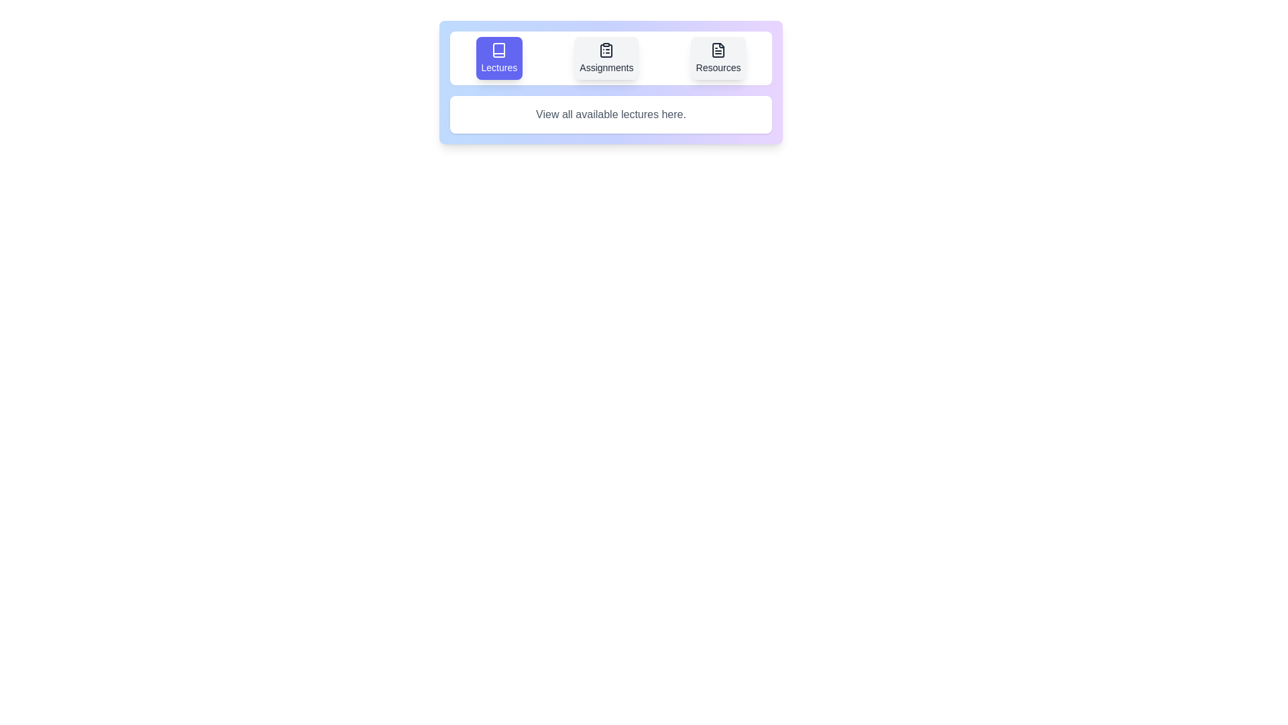 Image resolution: width=1288 pixels, height=725 pixels. I want to click on the icon of the Resources tab, so click(717, 58).